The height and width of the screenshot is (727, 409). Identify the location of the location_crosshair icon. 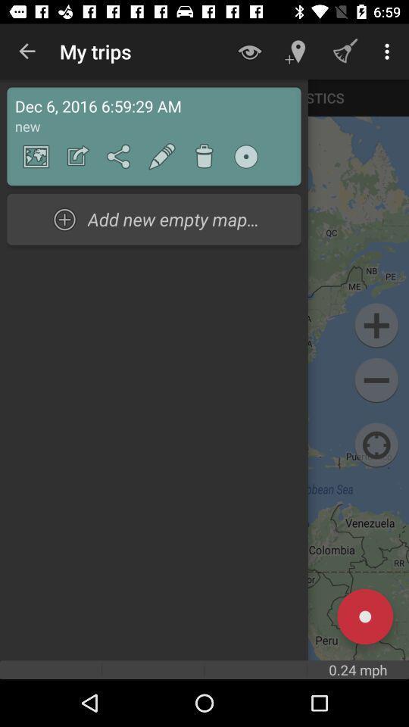
(376, 445).